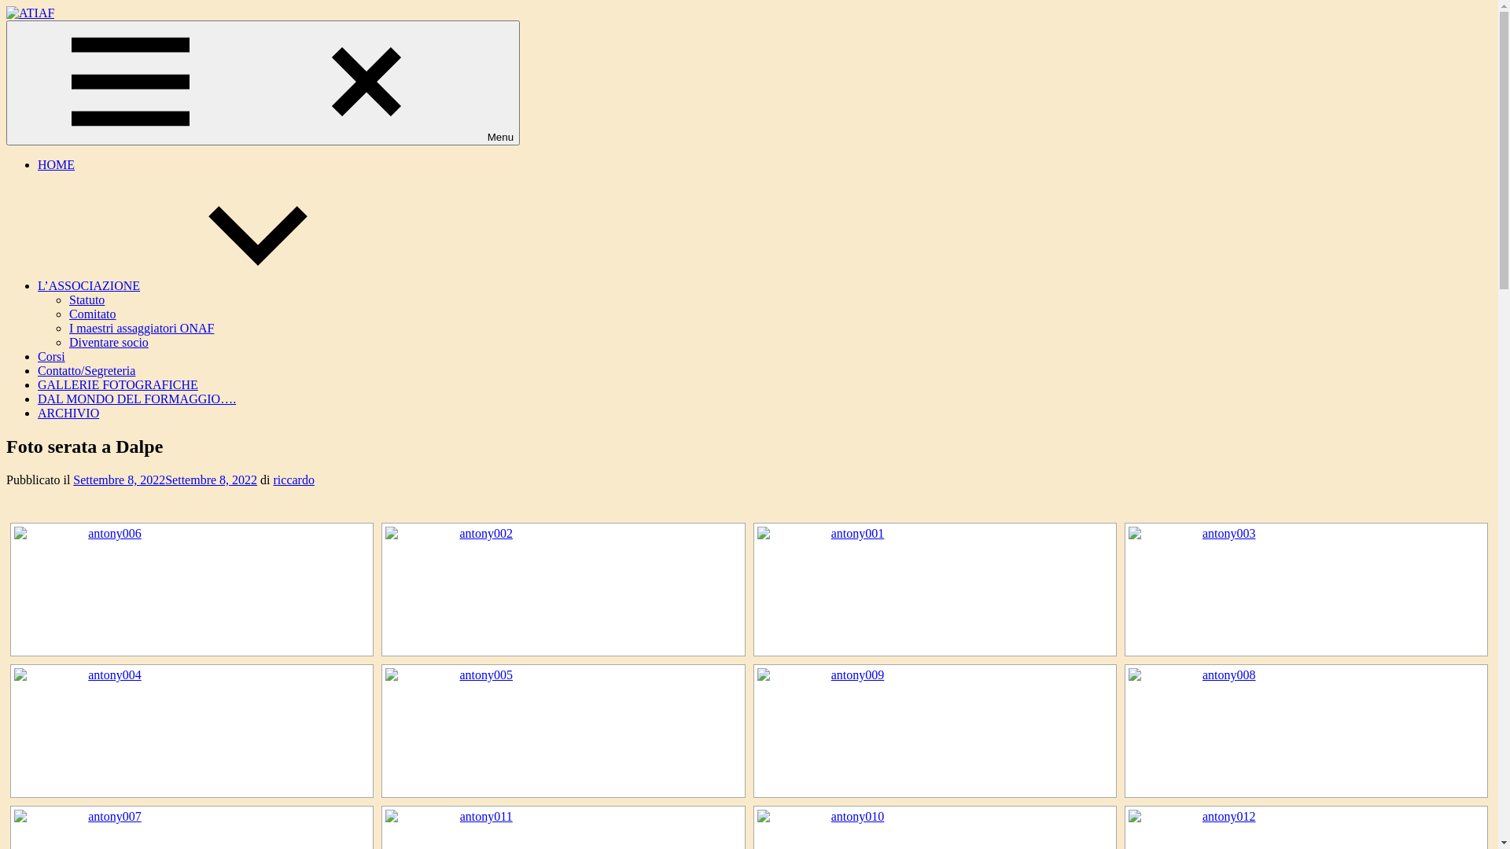 The width and height of the screenshot is (1510, 849). I want to click on 'Statuto', so click(86, 300).